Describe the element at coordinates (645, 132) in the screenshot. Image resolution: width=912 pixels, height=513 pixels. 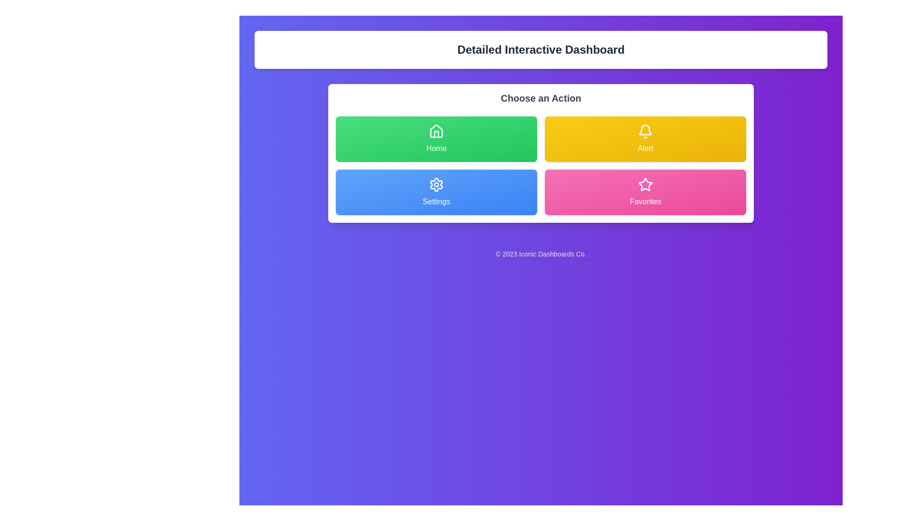
I see `the alert icon located at the center-top of the 'Alert' button within the 'Choose an Action' section` at that location.